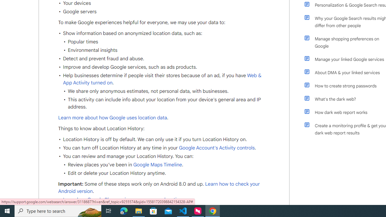 Image resolution: width=386 pixels, height=217 pixels. I want to click on 'Google Maps Timeline', so click(157, 165).